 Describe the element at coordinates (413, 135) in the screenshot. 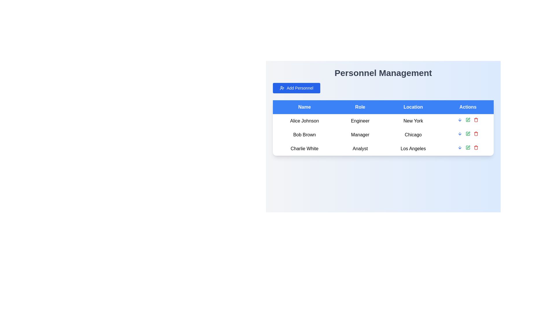

I see `the label indicating the location associated with 'Bob Brown', which is the third item under the 'Location' column in the table` at that location.